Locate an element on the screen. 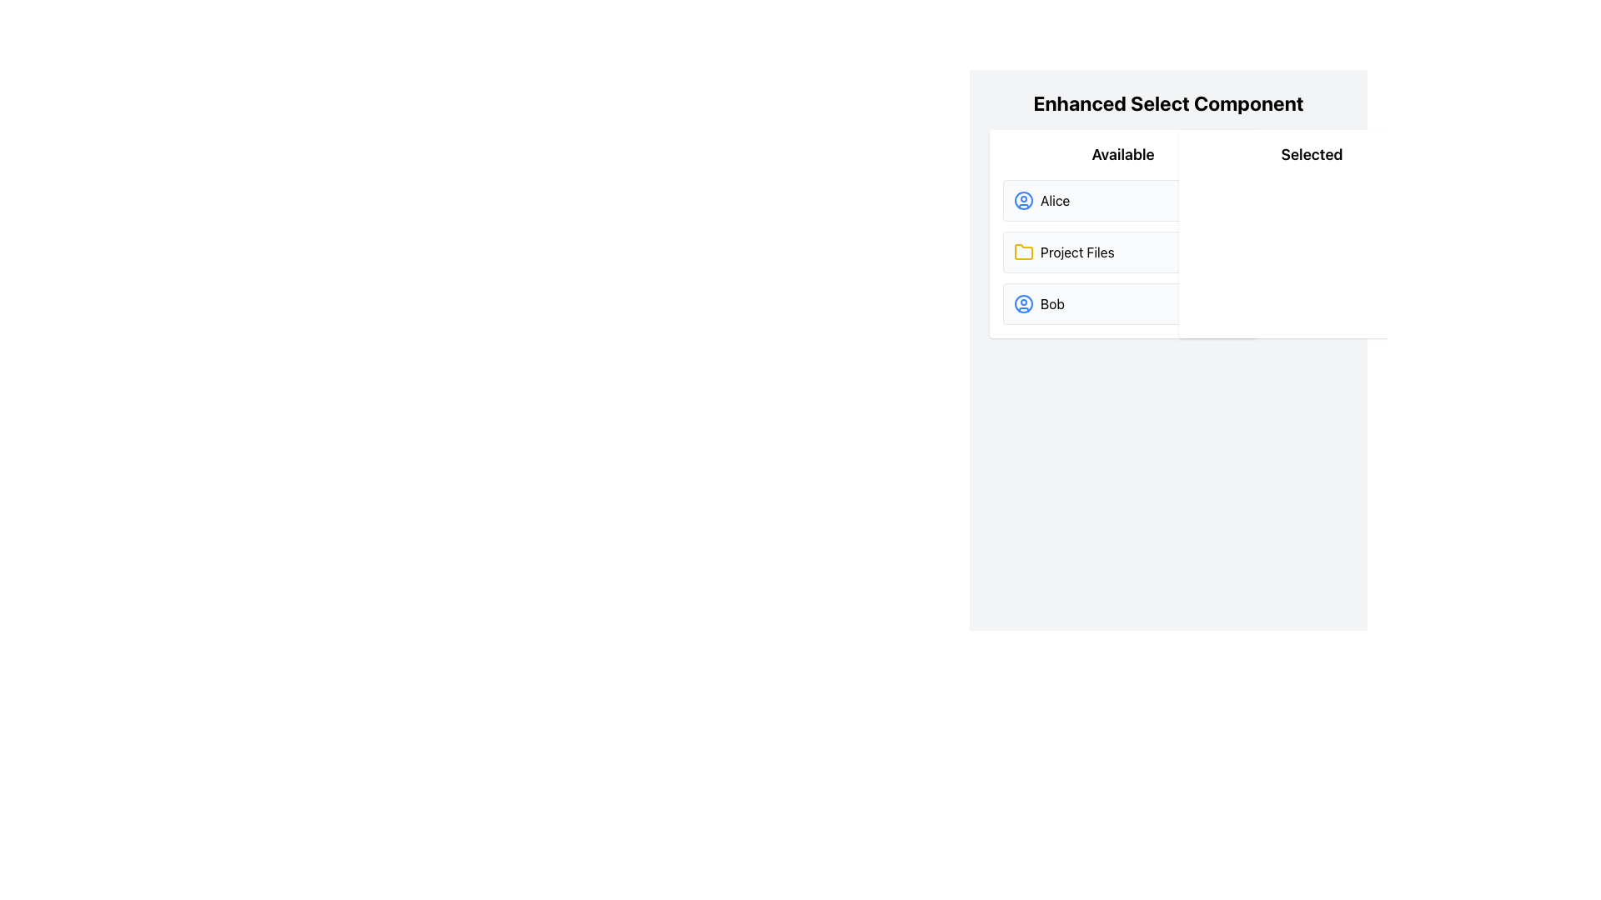 Image resolution: width=1601 pixels, height=900 pixels. the yellow folder icon located in the 'Available' section, next to the text 'Project Files' is located at coordinates (1023, 252).